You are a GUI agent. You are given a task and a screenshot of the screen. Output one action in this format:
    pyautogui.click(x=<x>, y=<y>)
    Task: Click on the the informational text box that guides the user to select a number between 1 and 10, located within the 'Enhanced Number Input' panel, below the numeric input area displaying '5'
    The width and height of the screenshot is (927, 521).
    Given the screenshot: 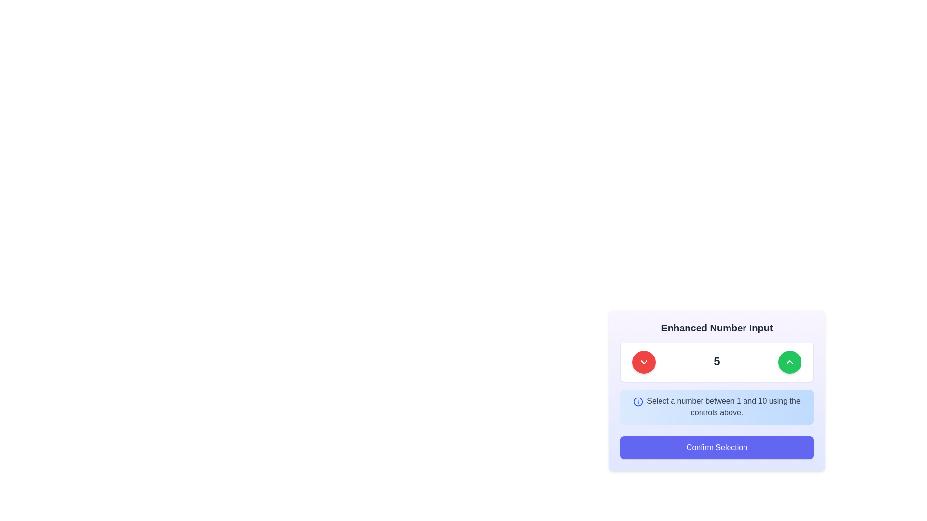 What is the action you would take?
    pyautogui.click(x=716, y=407)
    